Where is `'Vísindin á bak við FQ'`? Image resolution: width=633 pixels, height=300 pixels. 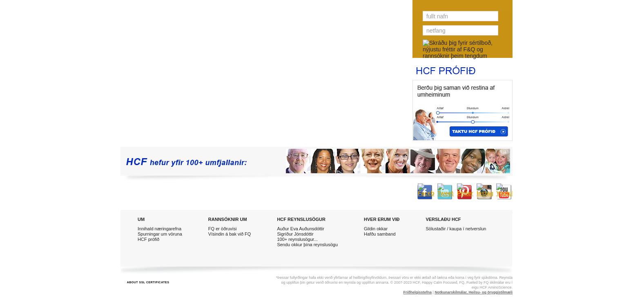 'Vísindin á bak við FQ' is located at coordinates (229, 234).